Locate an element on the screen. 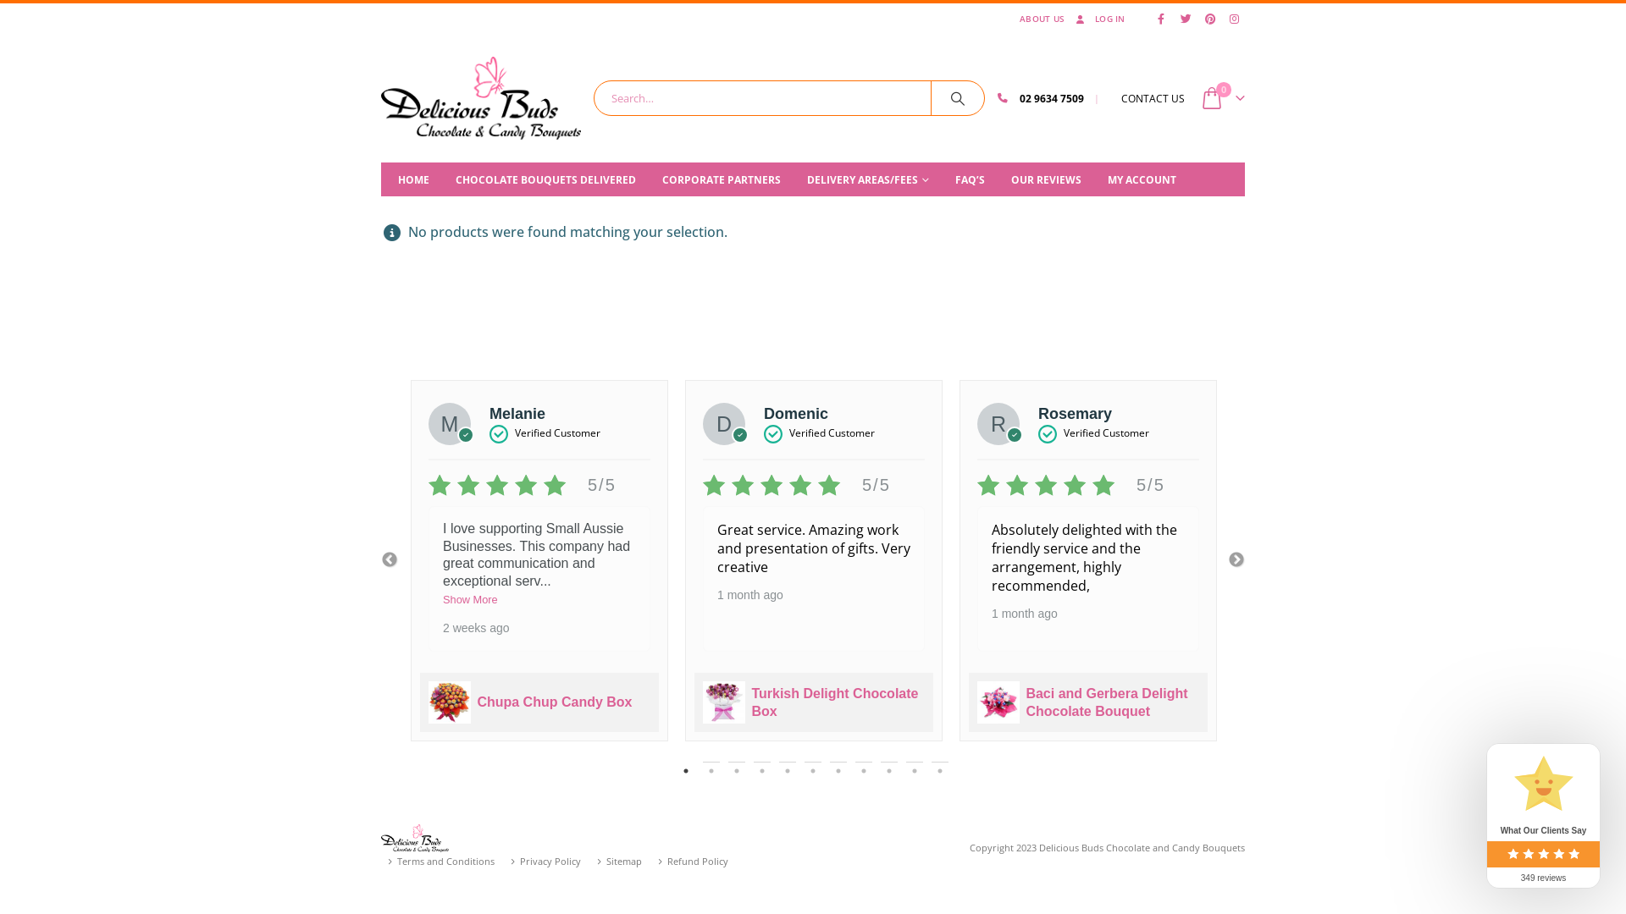  'Terms and Conditions' is located at coordinates (445, 861).